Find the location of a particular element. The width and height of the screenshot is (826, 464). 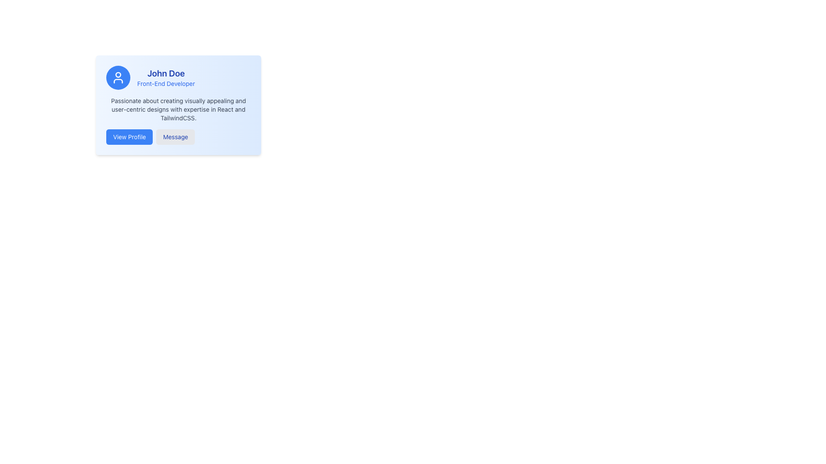

the paragraph of text styled with a small font size and gray color, which is centrally positioned within the card below the title 'John Doe' and subtitle 'Front-End Developer', and above the buttons 'View Profile' and 'Message' is located at coordinates (178, 109).